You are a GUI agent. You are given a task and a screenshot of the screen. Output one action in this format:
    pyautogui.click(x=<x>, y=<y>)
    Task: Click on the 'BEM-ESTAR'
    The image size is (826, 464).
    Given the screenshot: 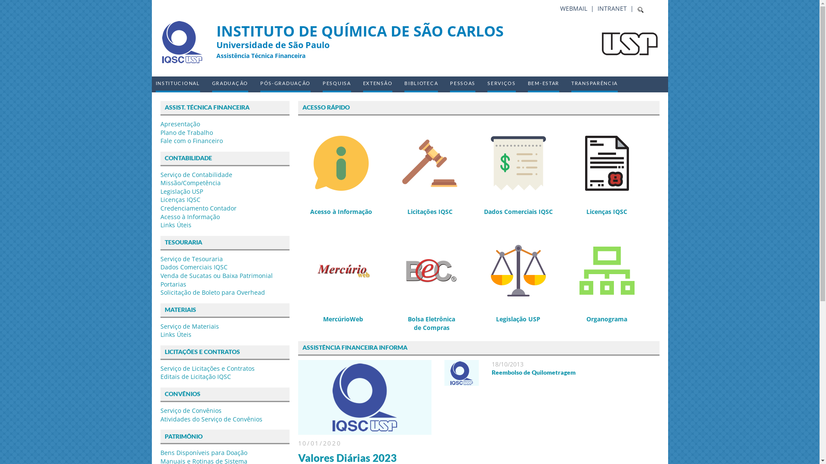 What is the action you would take?
    pyautogui.click(x=543, y=84)
    